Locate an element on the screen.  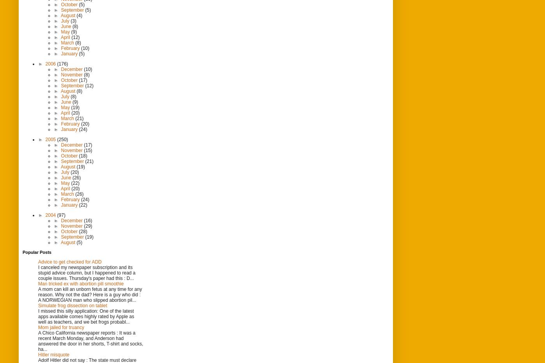
'A Chico California newspaper reports : It was a recent March Monday, and Anderson had answered the door in her shorts, T-shirt and socks, ha...' is located at coordinates (90, 341).